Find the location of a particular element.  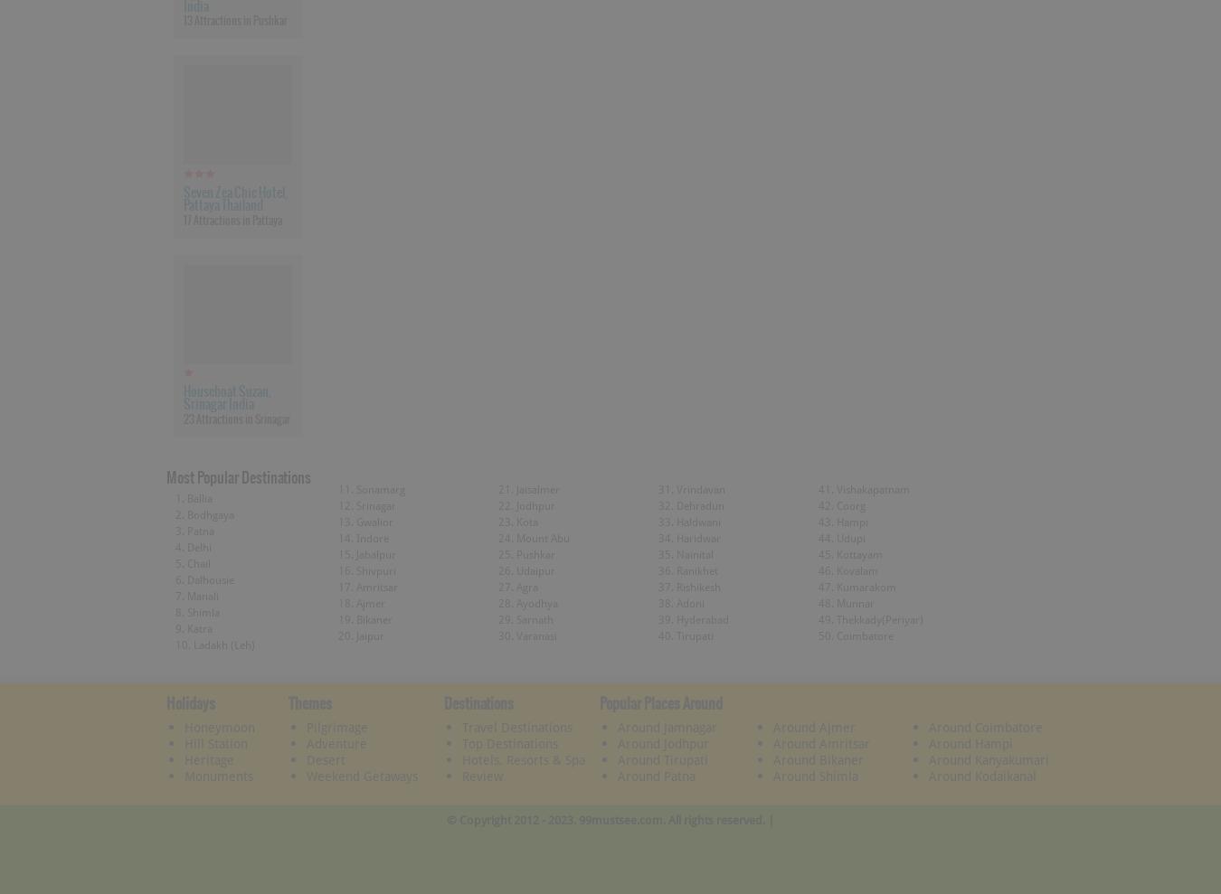

'Travel Destinations' is located at coordinates (516, 725).